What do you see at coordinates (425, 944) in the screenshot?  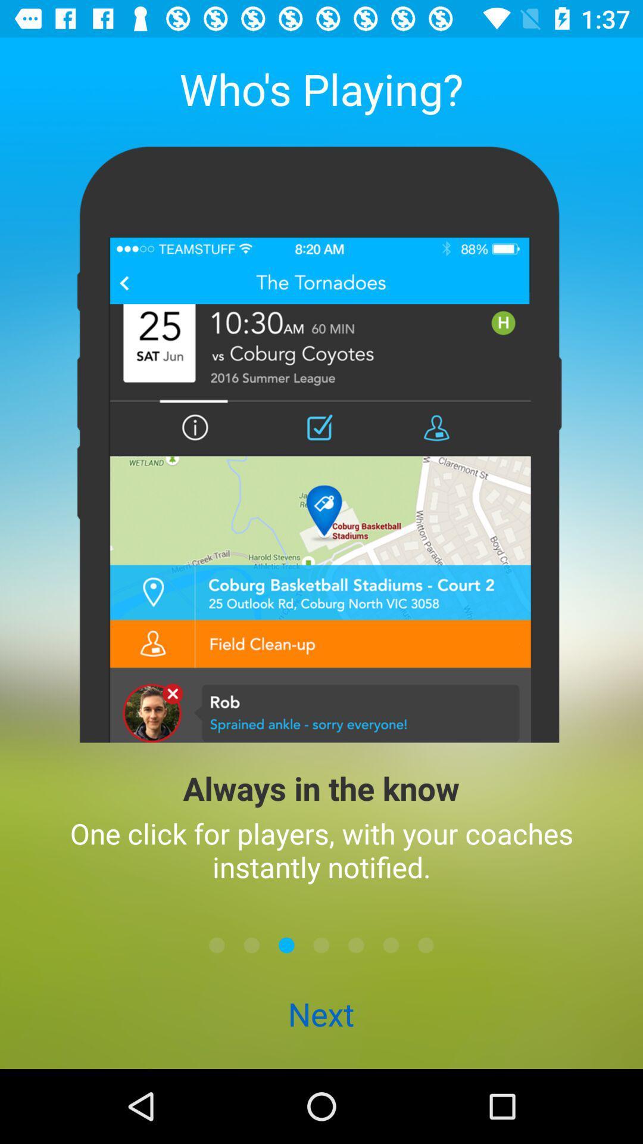 I see `with this you can scroll to the right side to see more information` at bounding box center [425, 944].